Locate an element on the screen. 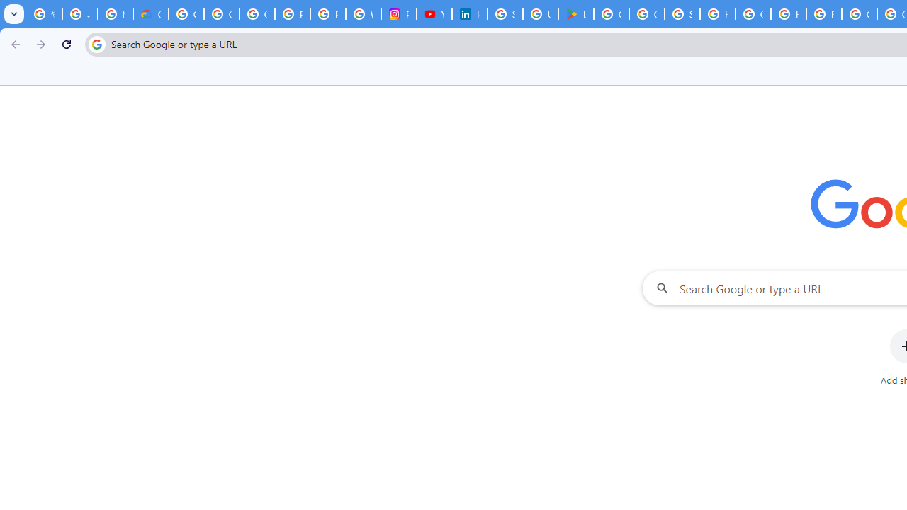 Image resolution: width=907 pixels, height=510 pixels. 'Privacy Help Center - Policies Help' is located at coordinates (327, 14).